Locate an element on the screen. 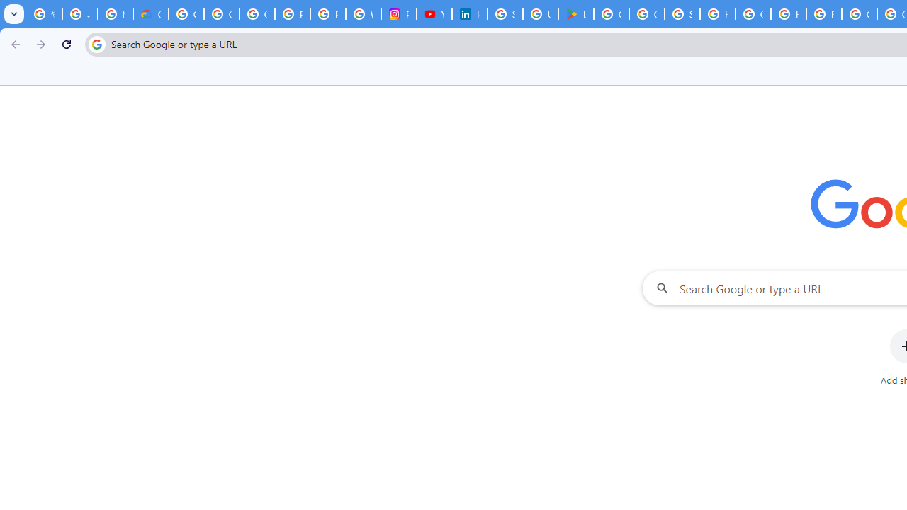 Image resolution: width=907 pixels, height=510 pixels. 'Privacy Help Center - Policies Help' is located at coordinates (327, 14).